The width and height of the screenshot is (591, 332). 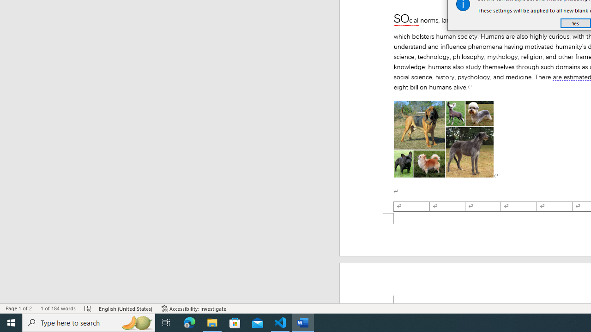 What do you see at coordinates (11, 322) in the screenshot?
I see `'Start'` at bounding box center [11, 322].